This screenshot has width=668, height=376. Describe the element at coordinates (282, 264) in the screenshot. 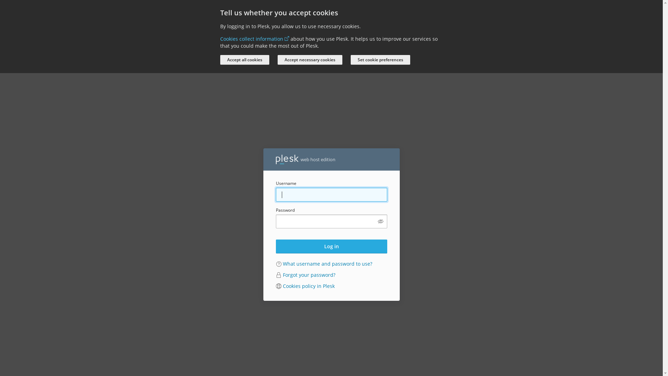

I see `'What username and password to use?'` at that location.